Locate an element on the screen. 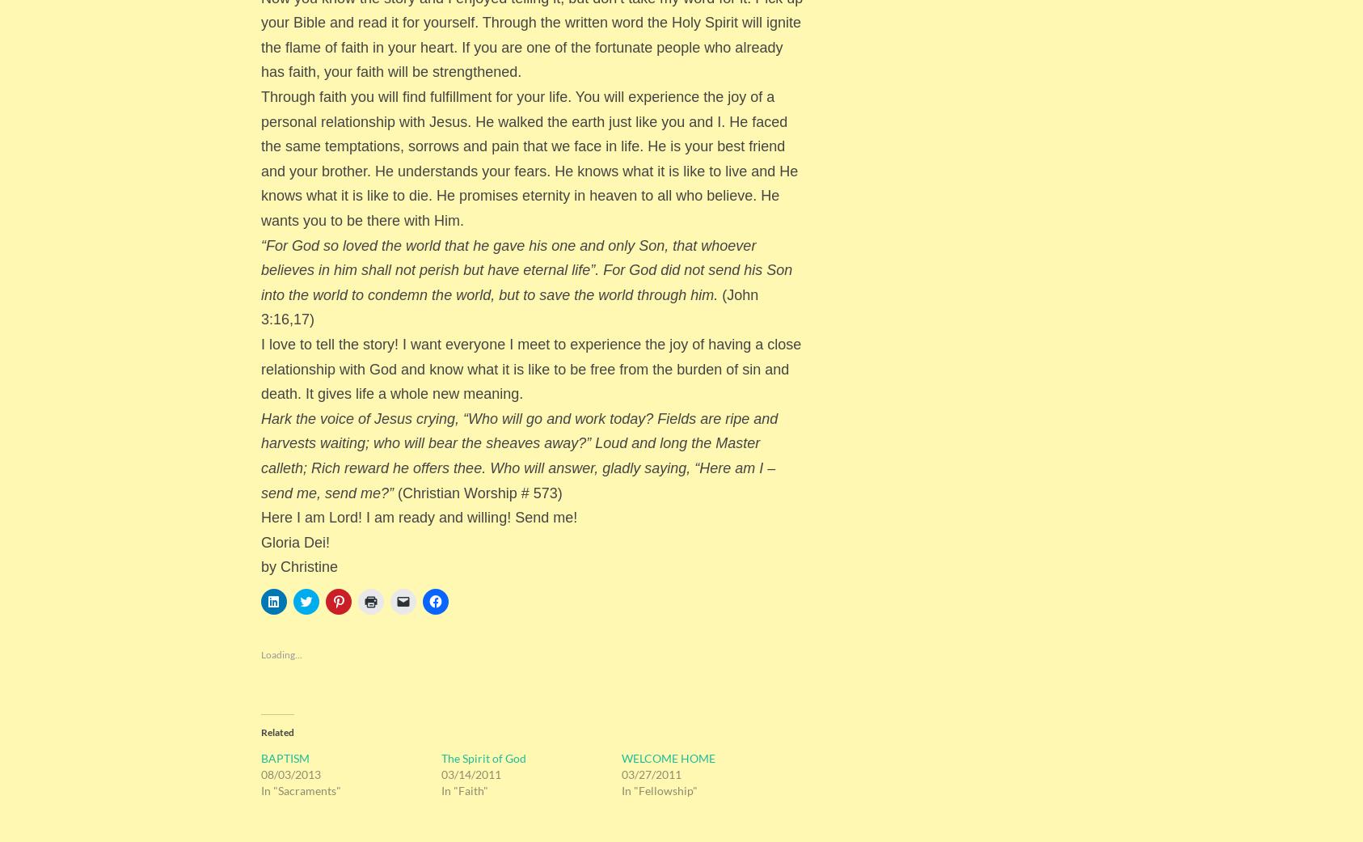 The height and width of the screenshot is (842, 1363). 'Here I am Lord! I am ready and willing! Send me!' is located at coordinates (260, 517).